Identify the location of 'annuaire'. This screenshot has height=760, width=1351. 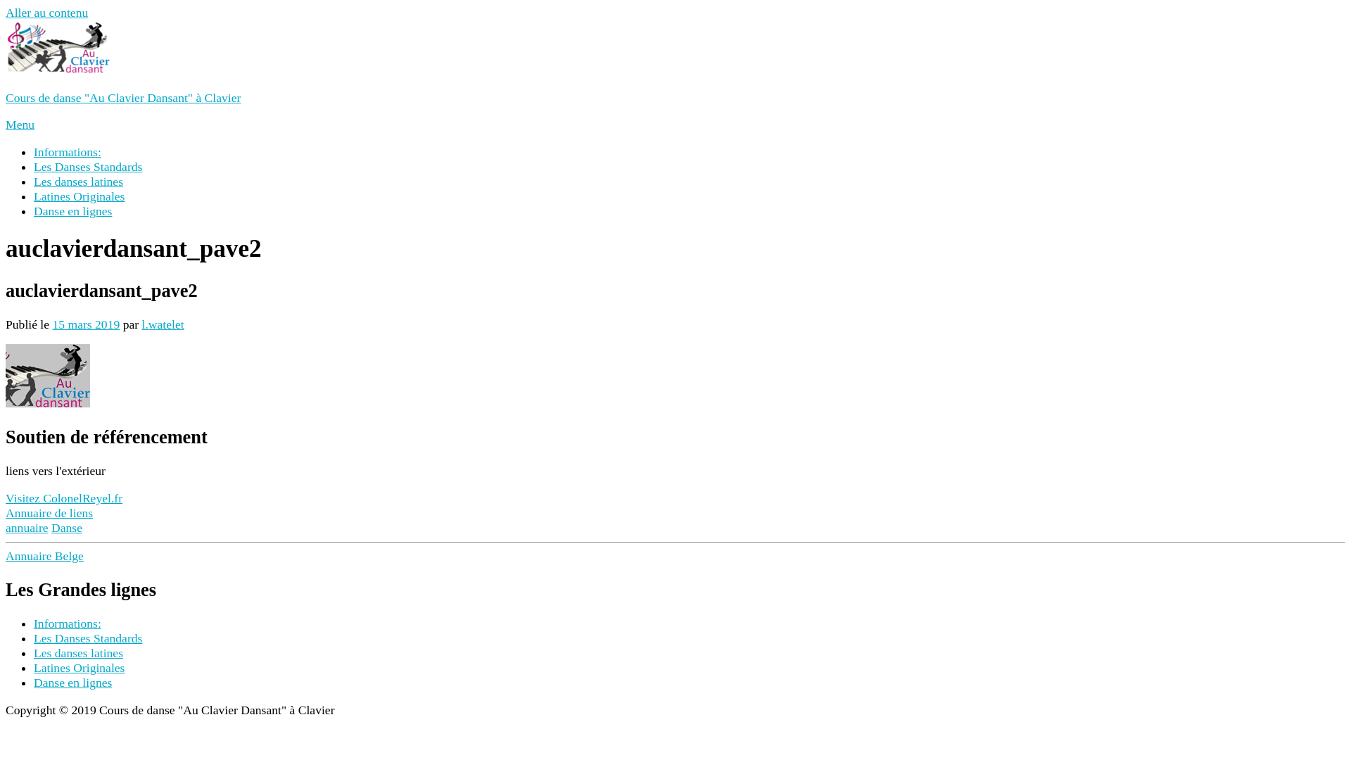
(27, 527).